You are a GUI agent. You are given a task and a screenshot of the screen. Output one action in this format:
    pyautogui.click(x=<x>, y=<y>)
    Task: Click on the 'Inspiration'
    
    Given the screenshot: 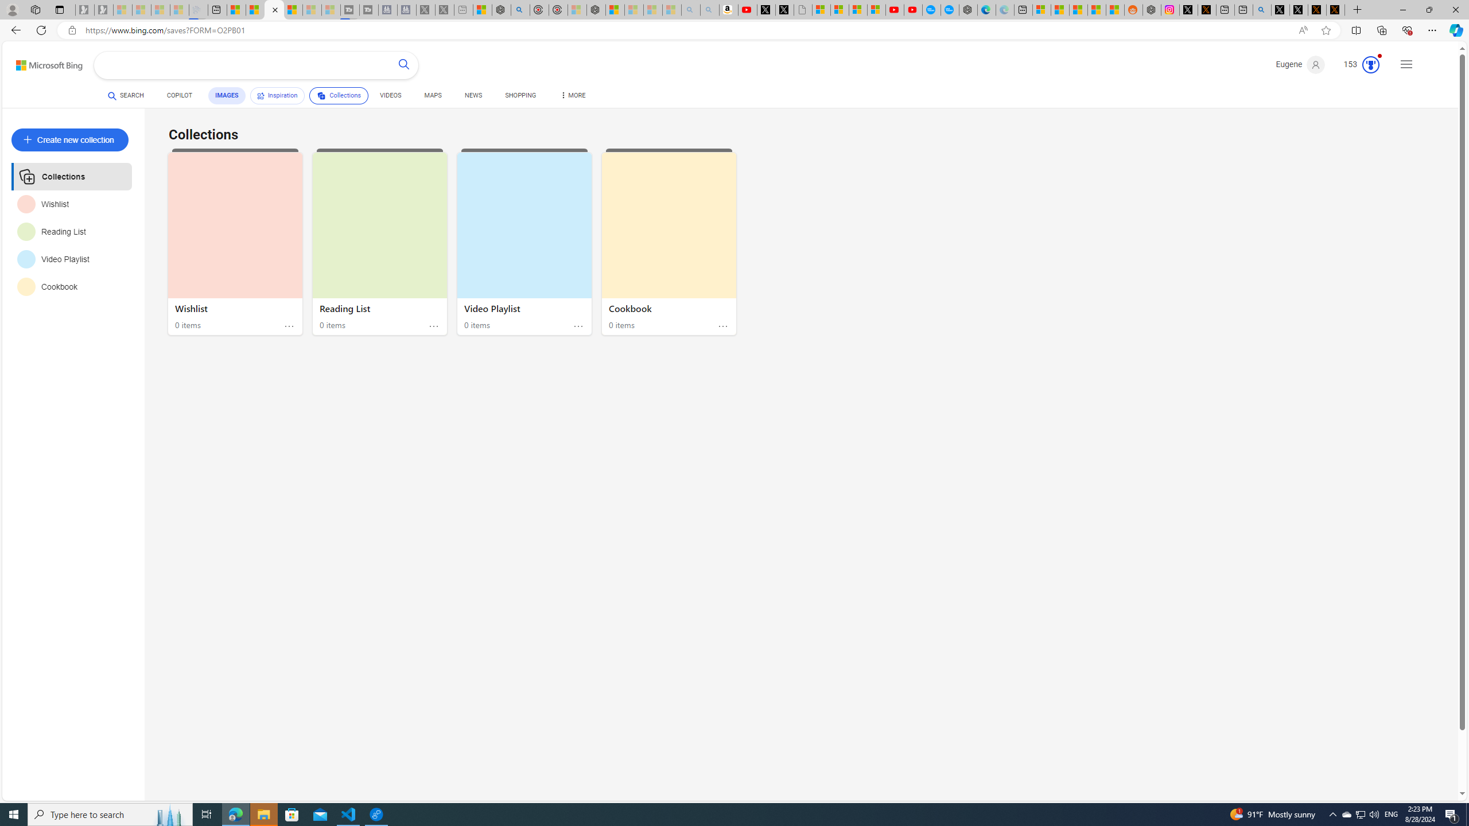 What is the action you would take?
    pyautogui.click(x=277, y=95)
    